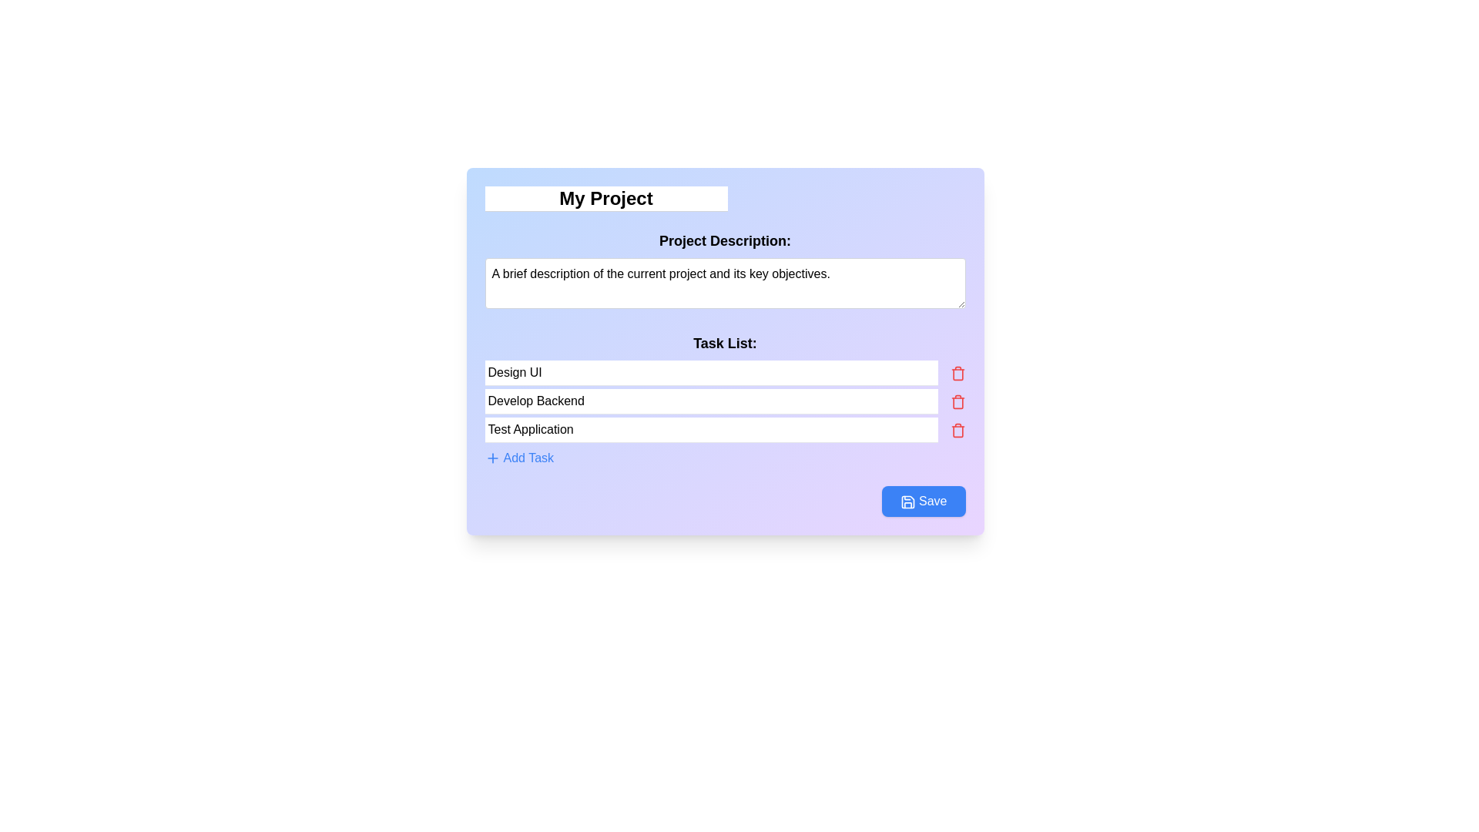 The width and height of the screenshot is (1479, 832). What do you see at coordinates (528, 457) in the screenshot?
I see `the 'Add Task' text, which is styled in blue and positioned next to a '+' symbol, to initiate adding a new task` at bounding box center [528, 457].